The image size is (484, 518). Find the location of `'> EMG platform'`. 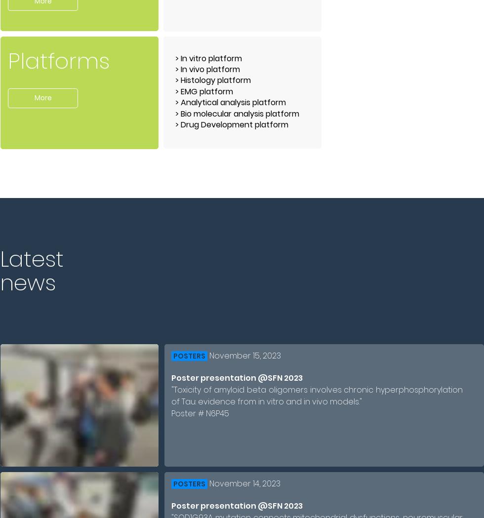

'> EMG platform' is located at coordinates (204, 90).